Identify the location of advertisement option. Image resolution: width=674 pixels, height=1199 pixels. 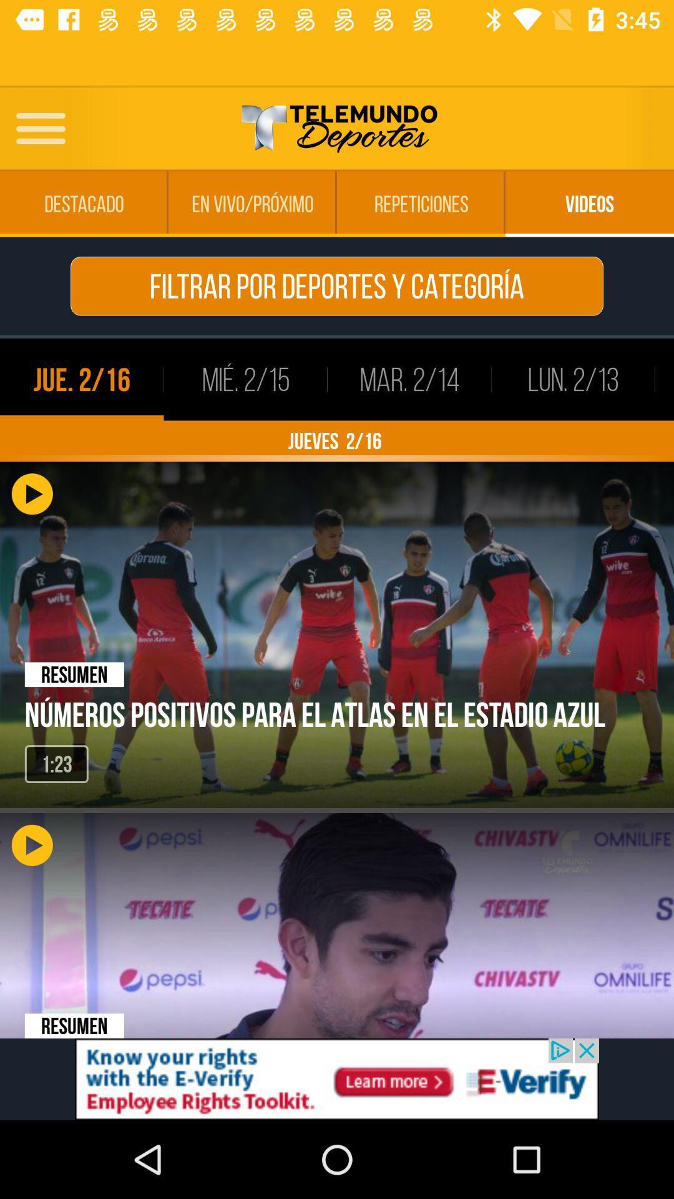
(337, 1078).